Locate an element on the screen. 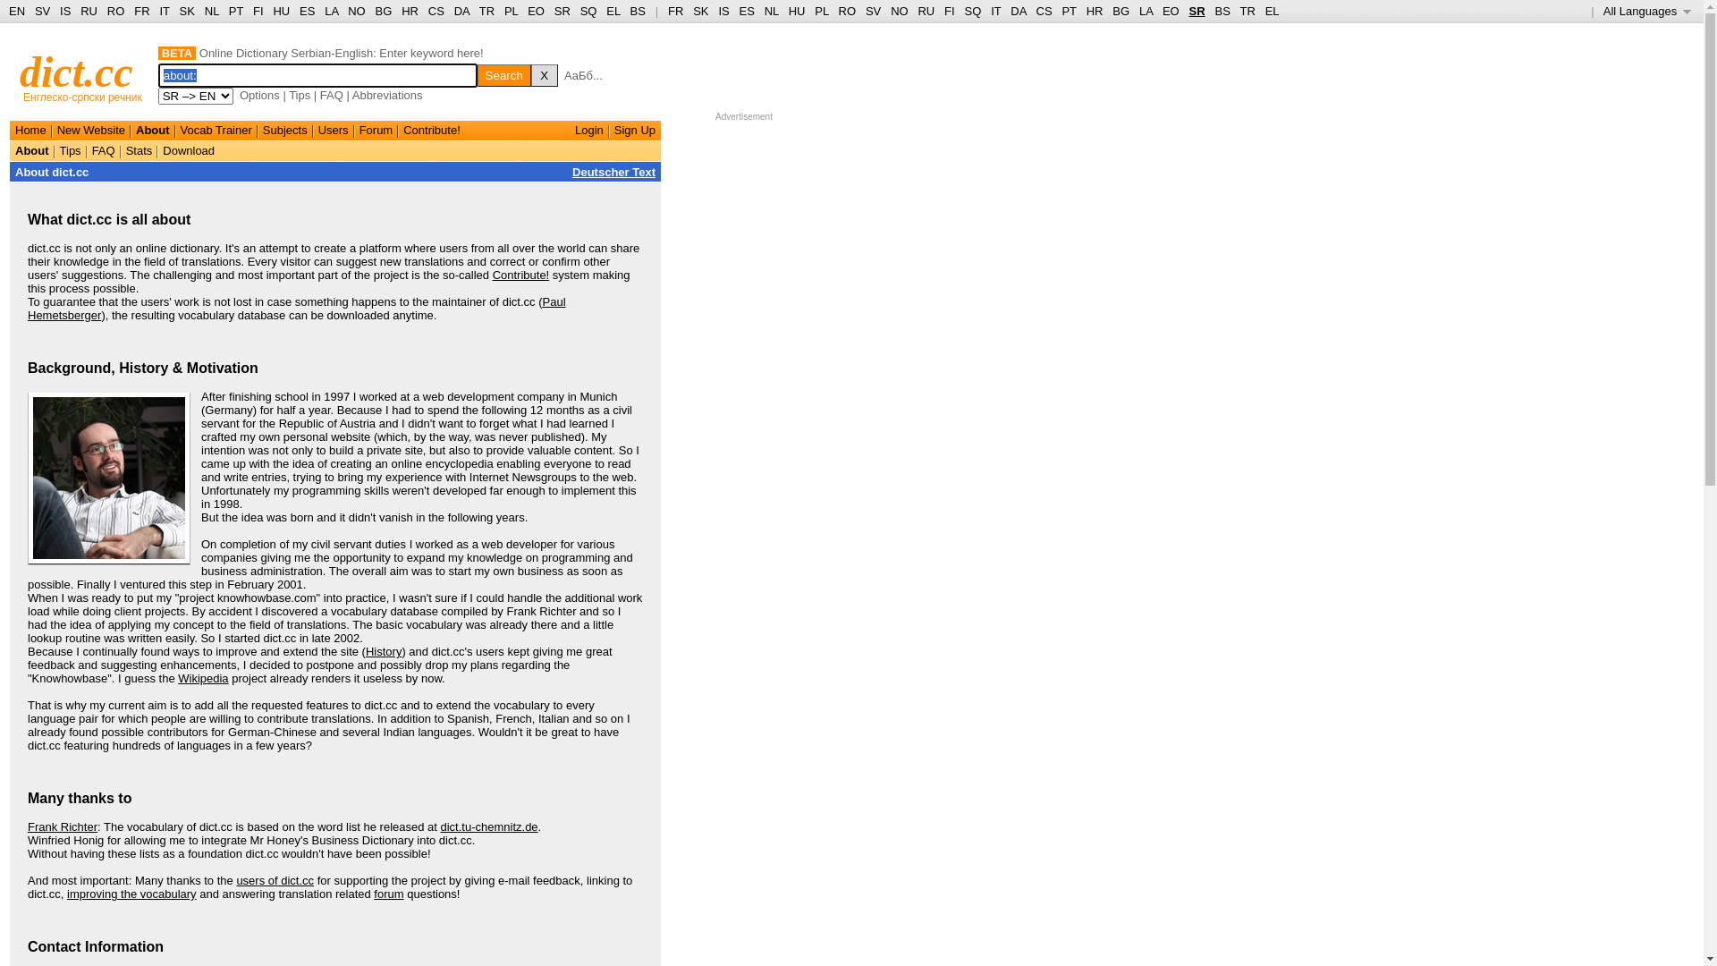 The height and width of the screenshot is (966, 1717). 'Tips' is located at coordinates (300, 95).